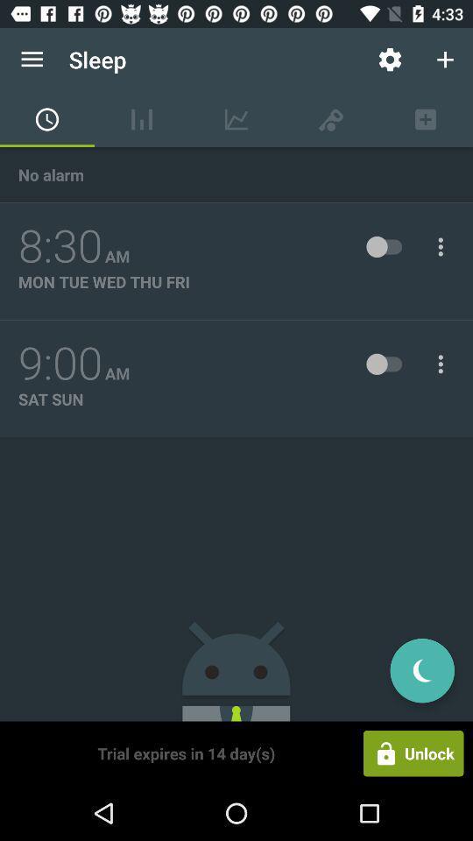  Describe the element at coordinates (60, 363) in the screenshot. I see `the 9:00 item` at that location.